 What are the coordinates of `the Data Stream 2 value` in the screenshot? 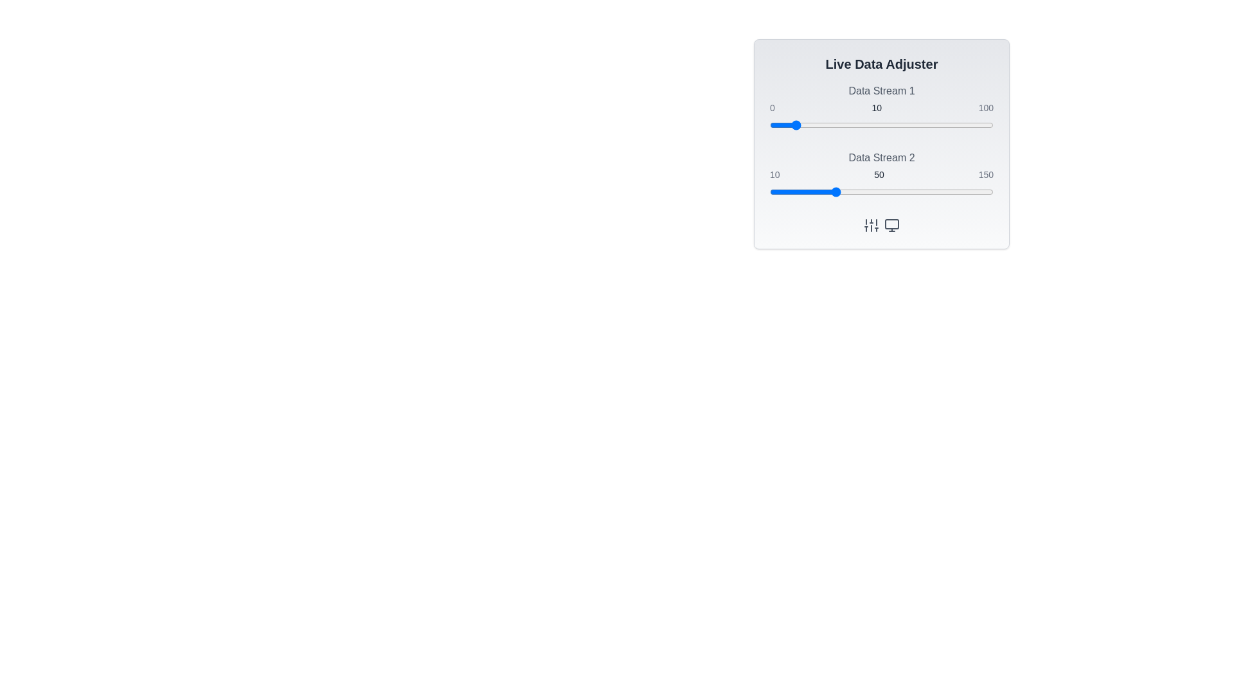 It's located at (915, 192).